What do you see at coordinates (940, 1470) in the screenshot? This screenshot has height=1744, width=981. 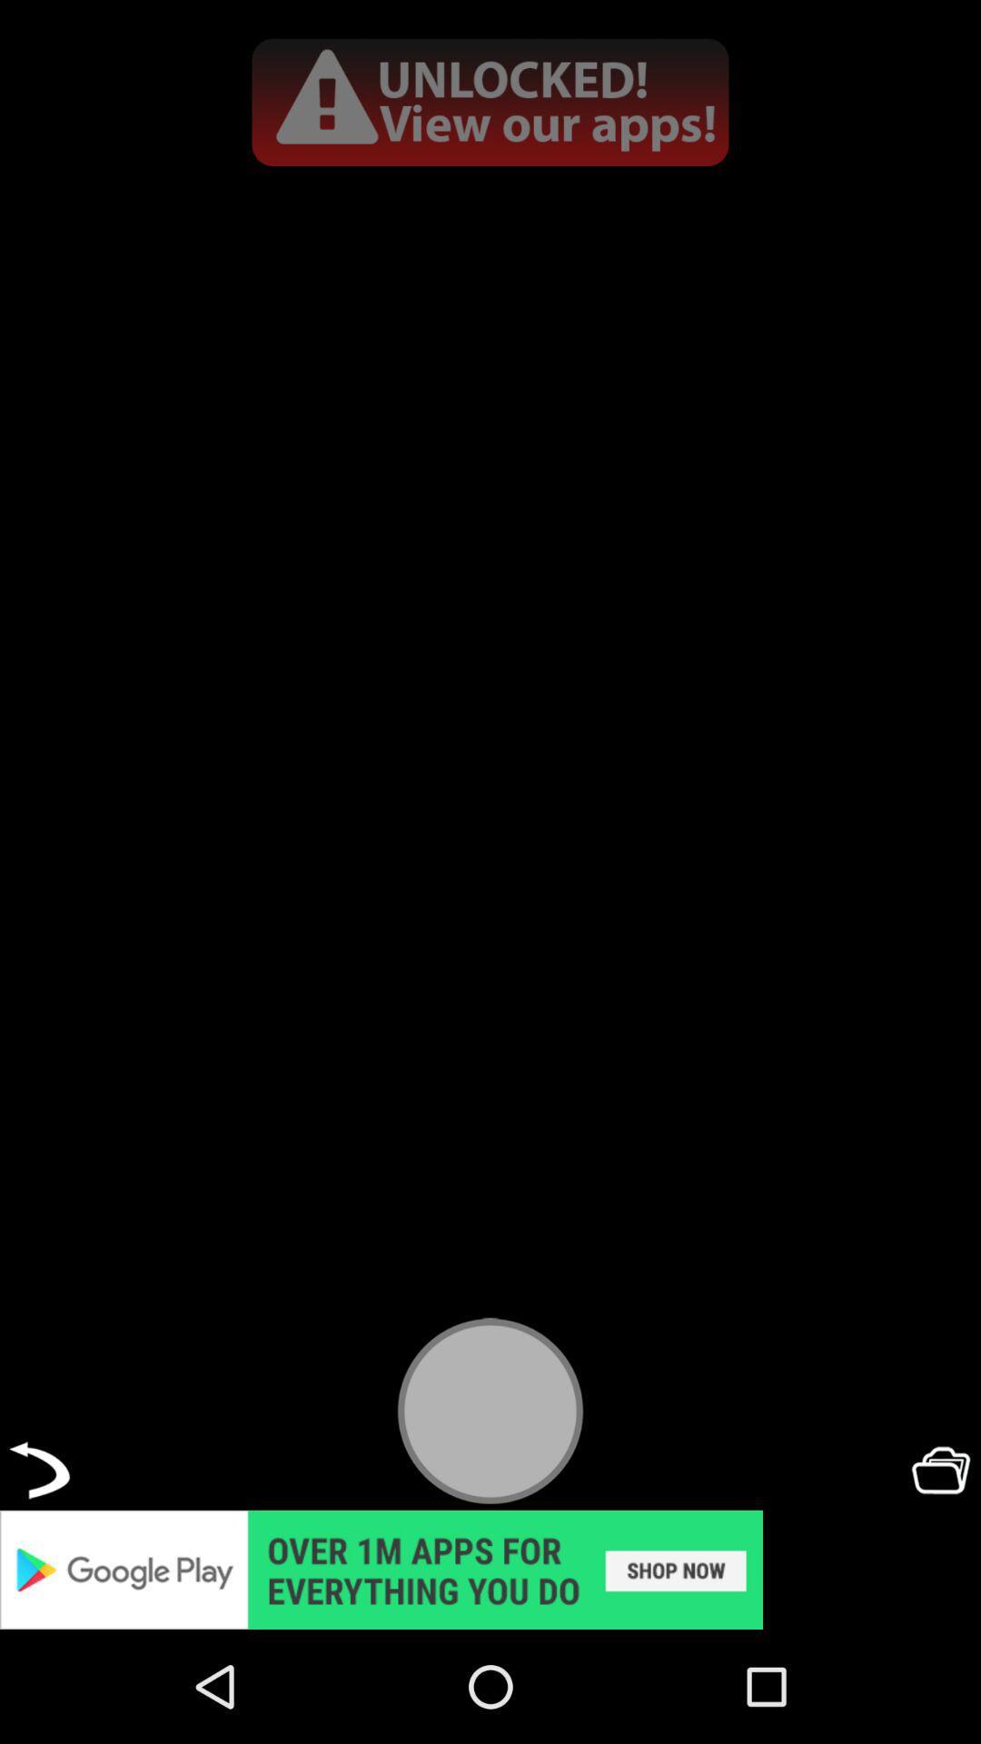 I see `open folder button` at bounding box center [940, 1470].